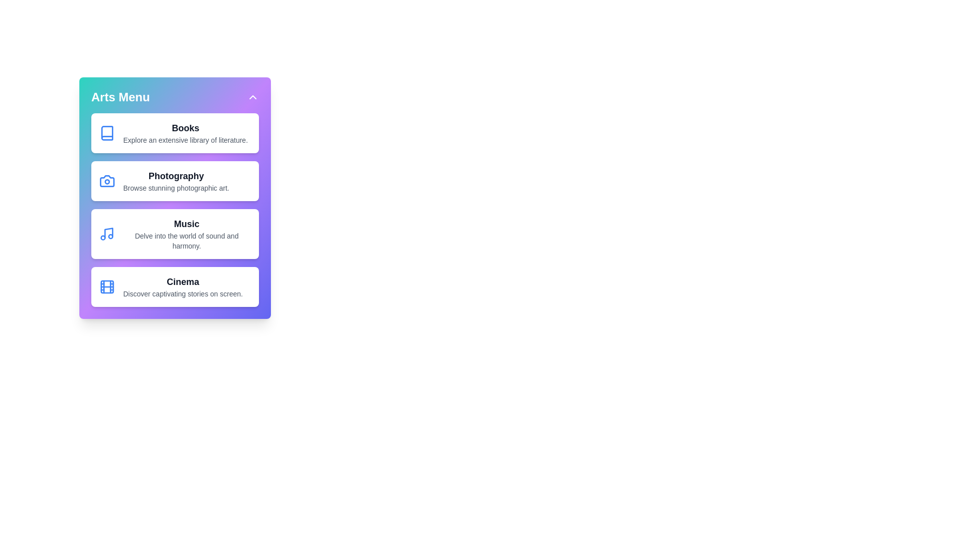  What do you see at coordinates (175, 132) in the screenshot?
I see `the 'Books' category button` at bounding box center [175, 132].